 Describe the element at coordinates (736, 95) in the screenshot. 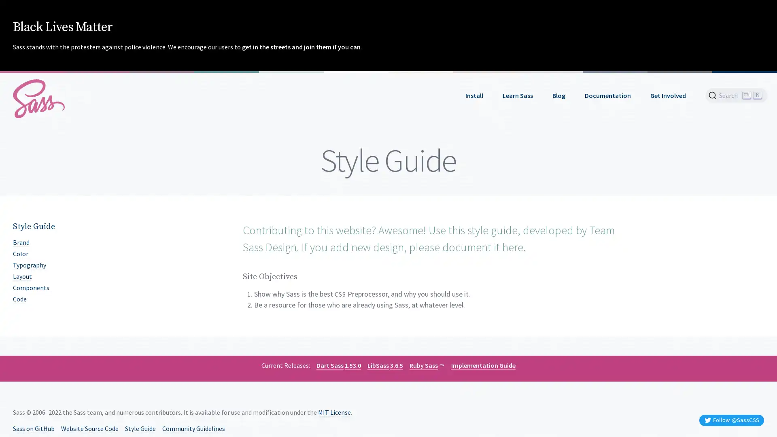

I see `Search` at that location.